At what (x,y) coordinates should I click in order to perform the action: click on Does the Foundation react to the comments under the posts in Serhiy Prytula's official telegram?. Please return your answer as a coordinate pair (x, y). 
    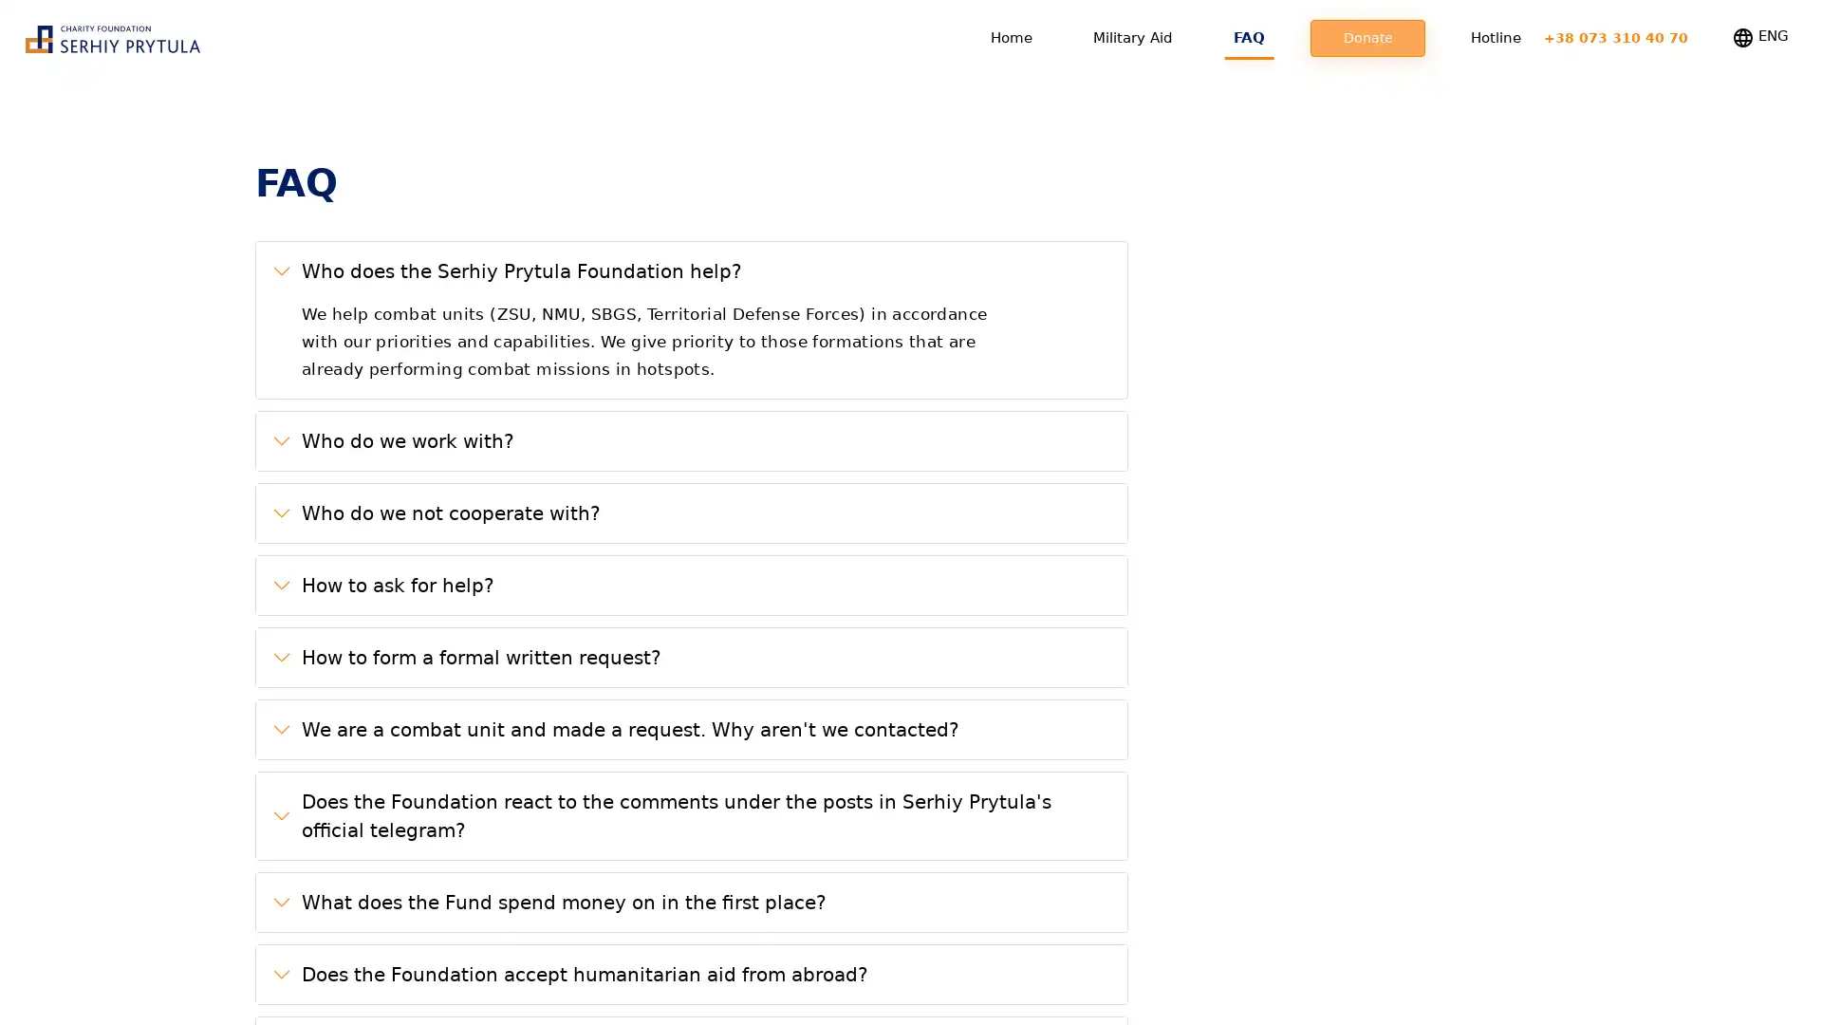
    Looking at the image, I should click on (690, 815).